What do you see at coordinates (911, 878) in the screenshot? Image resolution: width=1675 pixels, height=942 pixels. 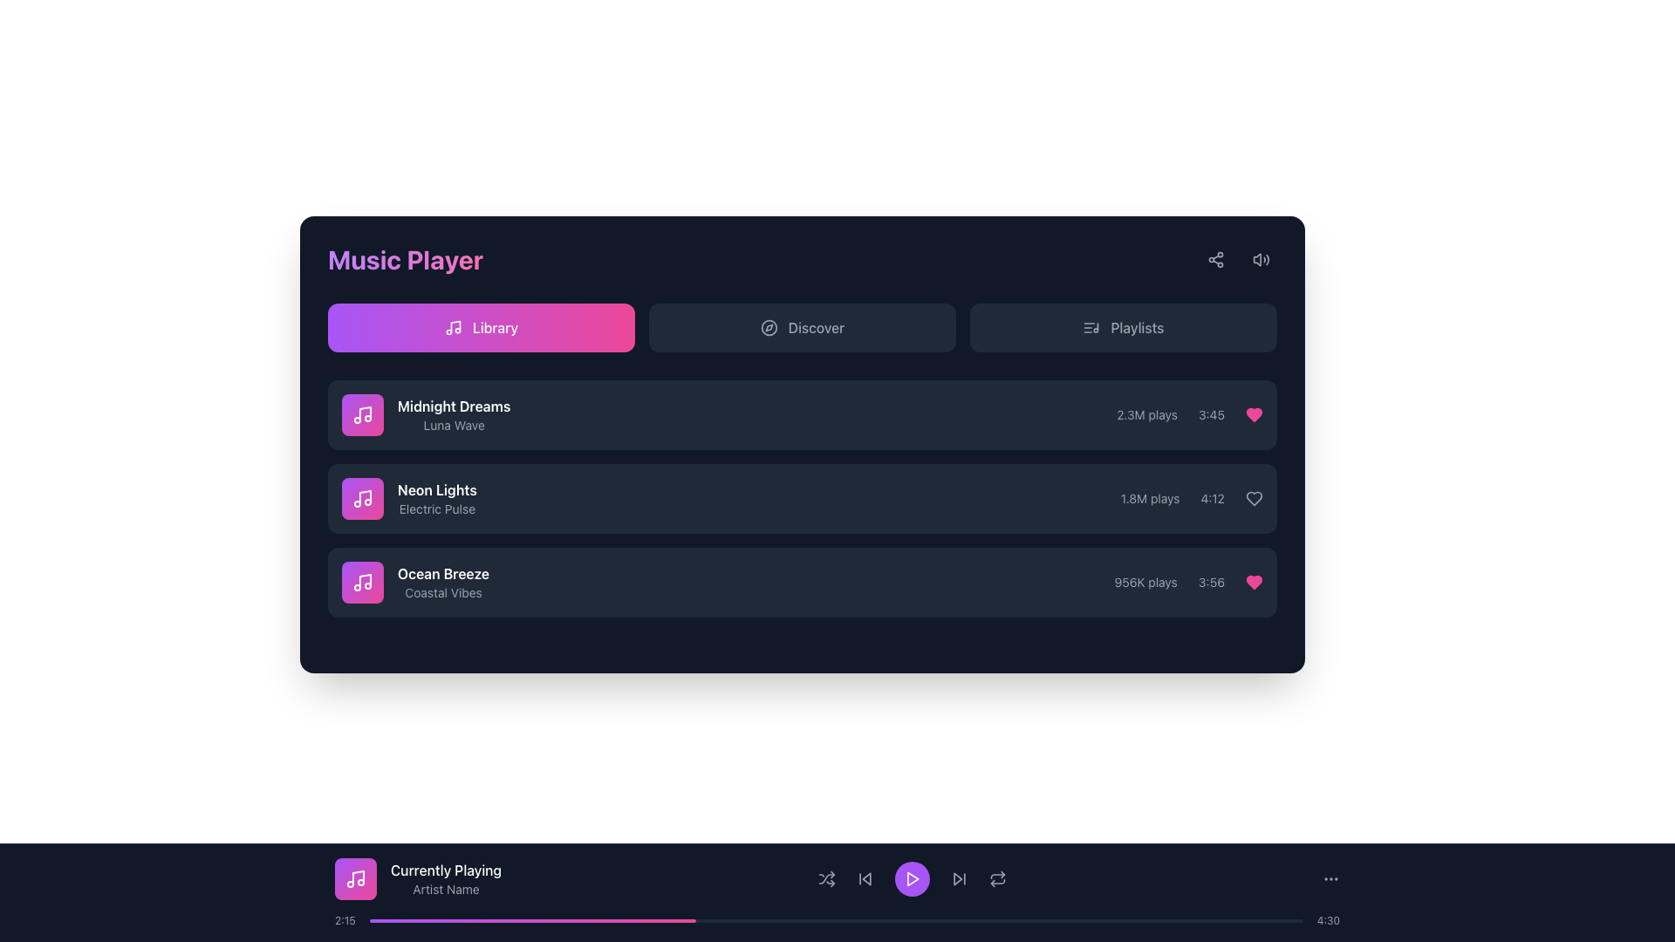 I see `the triangular play icon button located in the bottom section of the interface to play media` at bounding box center [911, 878].